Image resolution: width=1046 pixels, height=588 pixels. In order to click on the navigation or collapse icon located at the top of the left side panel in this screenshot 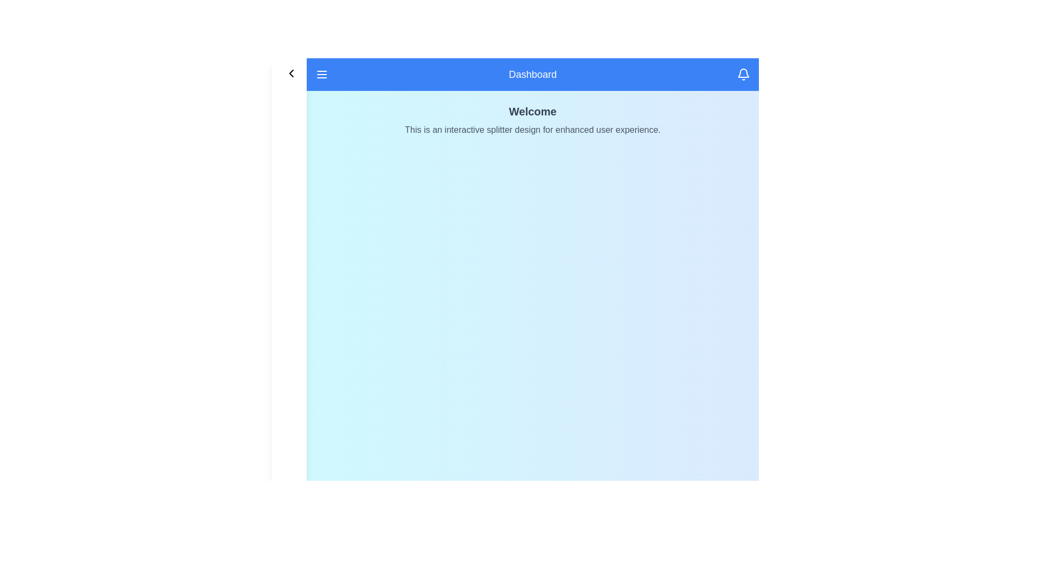, I will do `click(289, 73)`.